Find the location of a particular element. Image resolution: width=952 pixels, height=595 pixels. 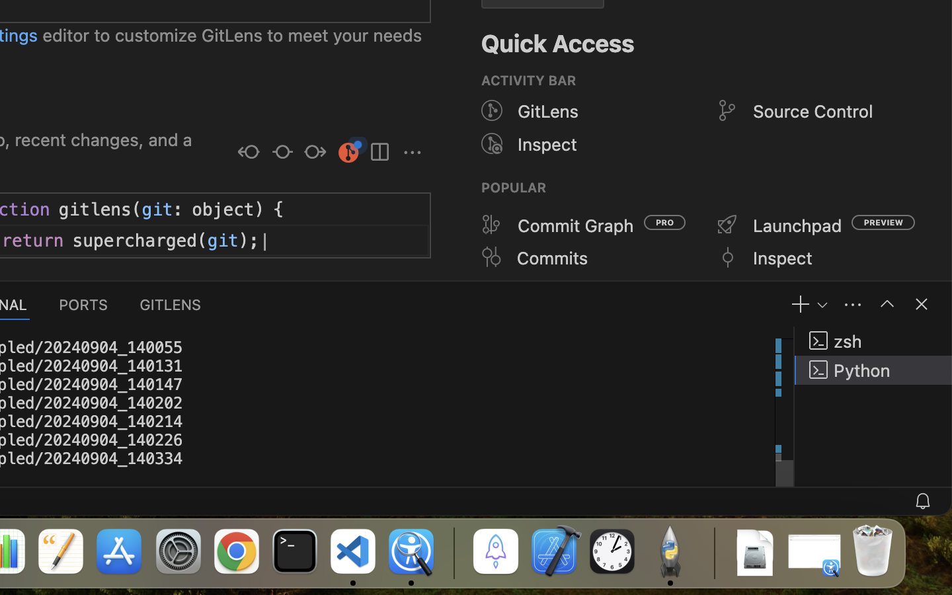

'Inspect' is located at coordinates (548, 143).